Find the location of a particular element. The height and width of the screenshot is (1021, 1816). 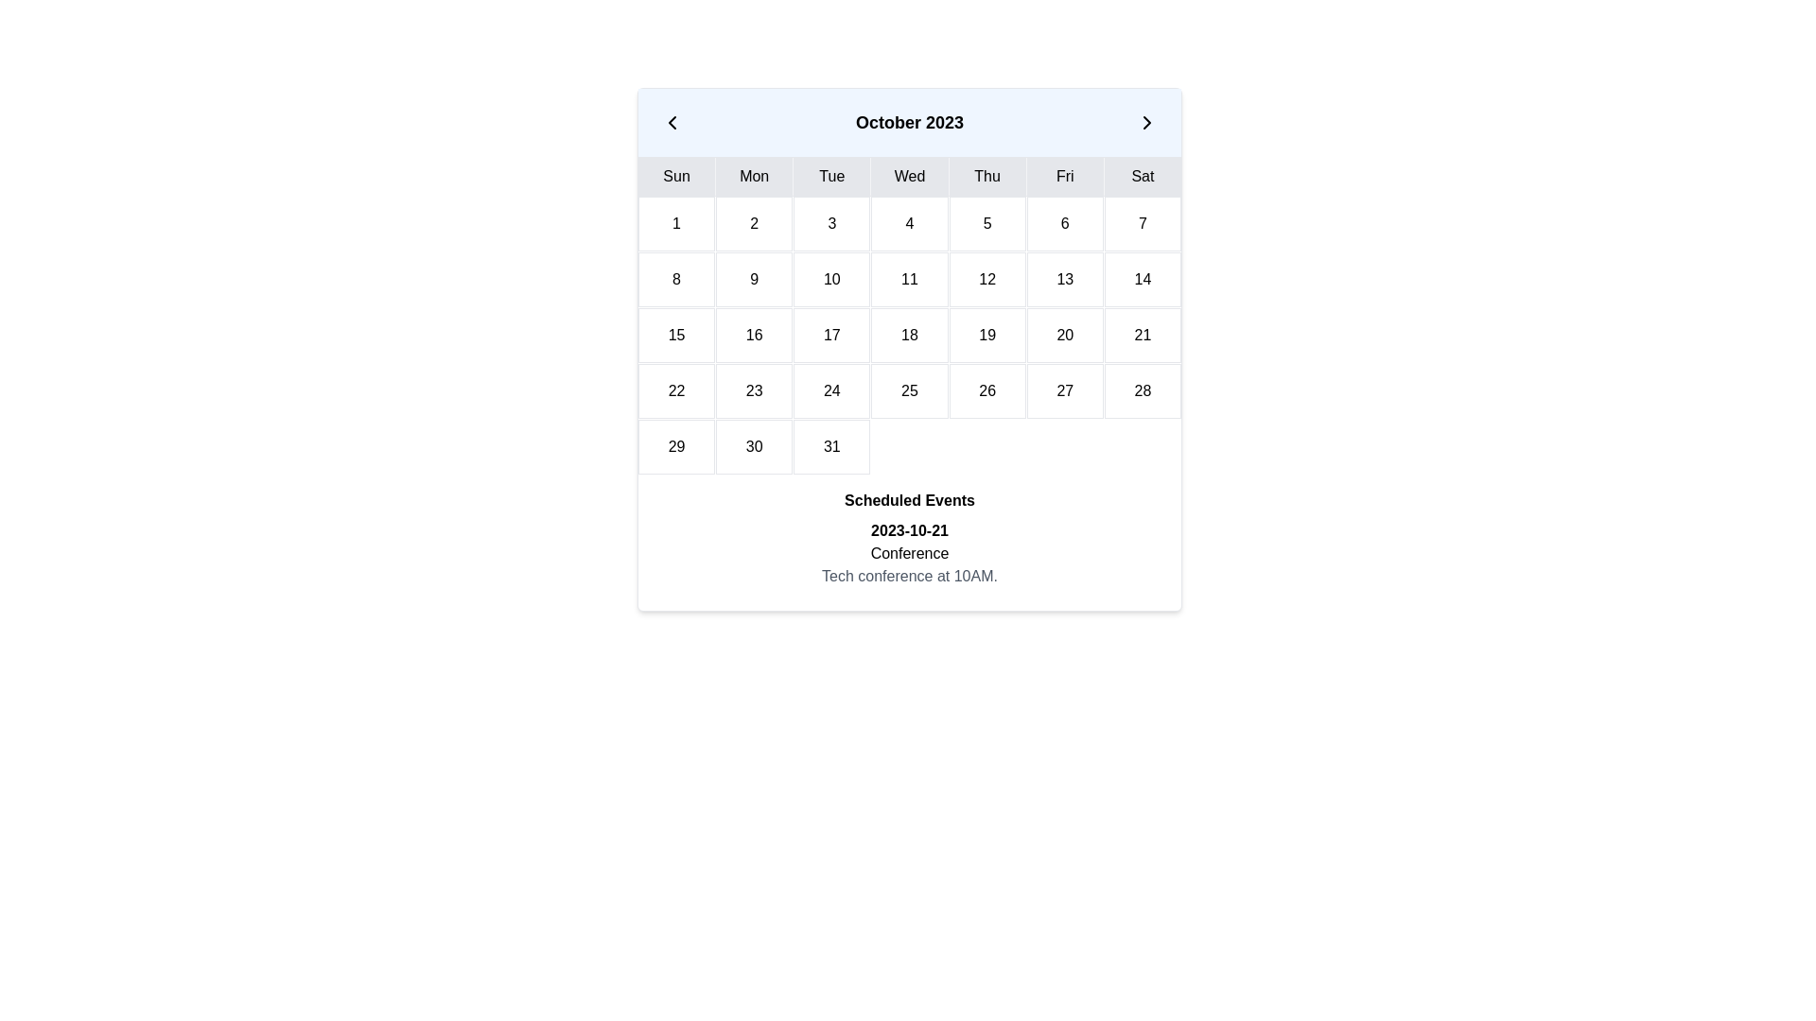

the text element displaying 'Tech conference at 10AM.' located at the bottom of the card section within the calendar interface is located at coordinates (909, 575).